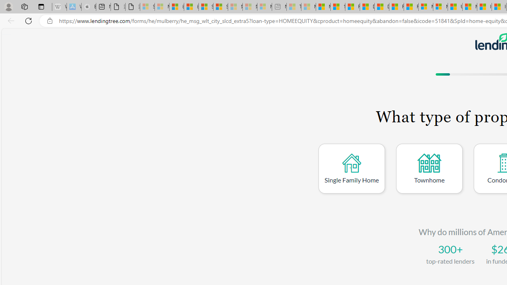 The height and width of the screenshot is (285, 507). Describe the element at coordinates (147, 7) in the screenshot. I see `'Sign in to your Microsoft account - Sleeping'` at that location.